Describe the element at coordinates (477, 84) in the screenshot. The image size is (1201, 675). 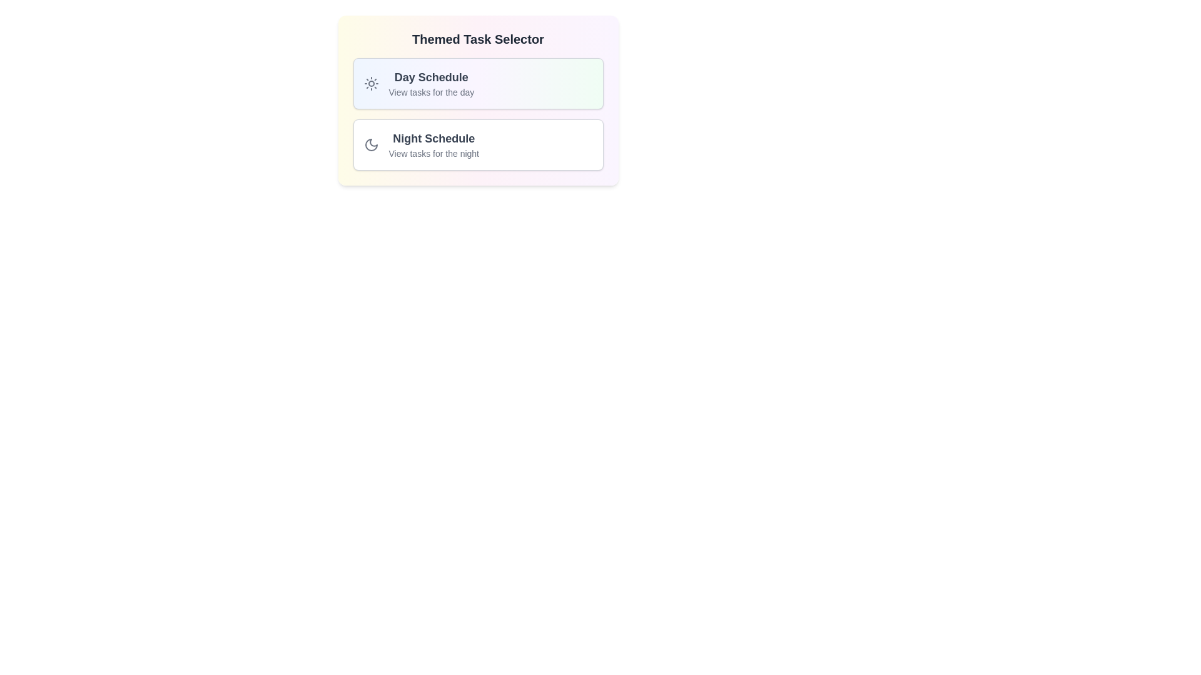
I see `the item Day Schedule to observe the visual effect` at that location.